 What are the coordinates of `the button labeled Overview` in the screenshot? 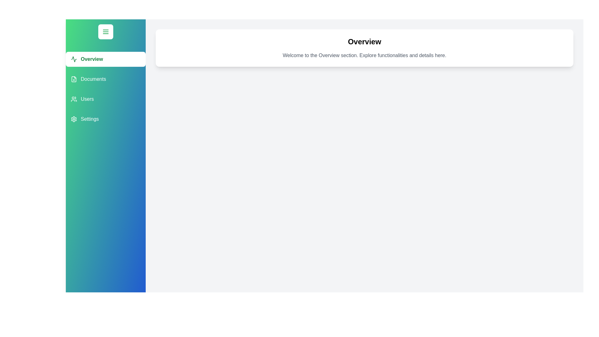 It's located at (106, 59).